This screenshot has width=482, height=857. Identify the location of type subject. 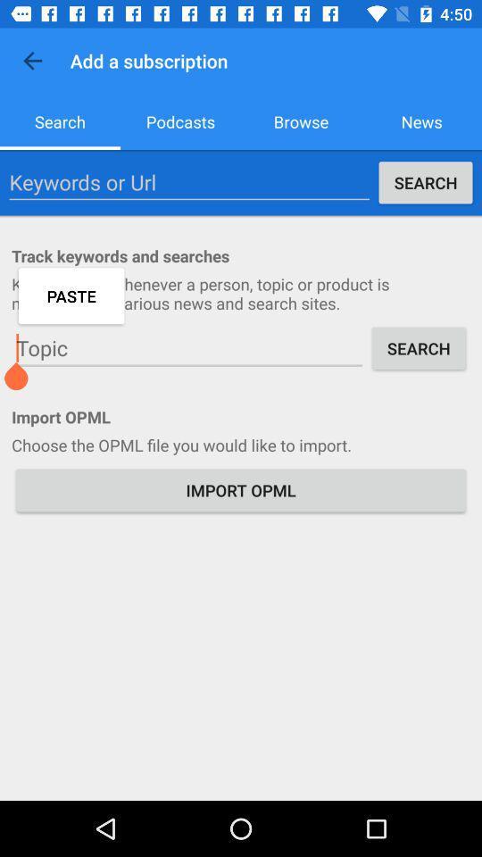
(188, 347).